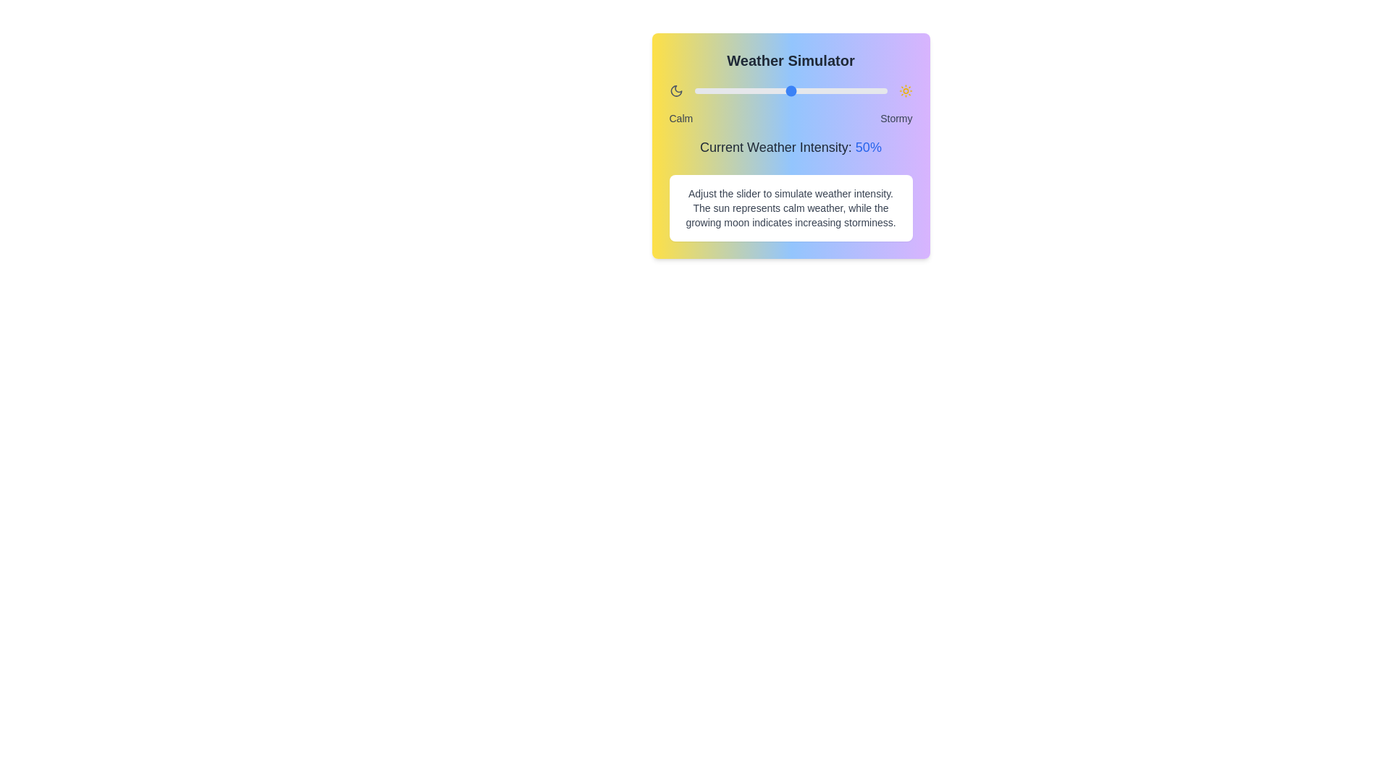 This screenshot has width=1390, height=781. I want to click on the weather intensity slider to 41%, so click(772, 91).